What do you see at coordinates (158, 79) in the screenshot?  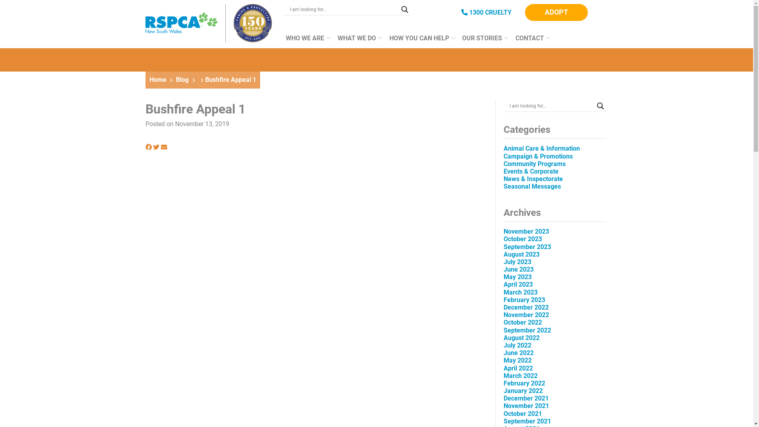 I see `'Home'` at bounding box center [158, 79].